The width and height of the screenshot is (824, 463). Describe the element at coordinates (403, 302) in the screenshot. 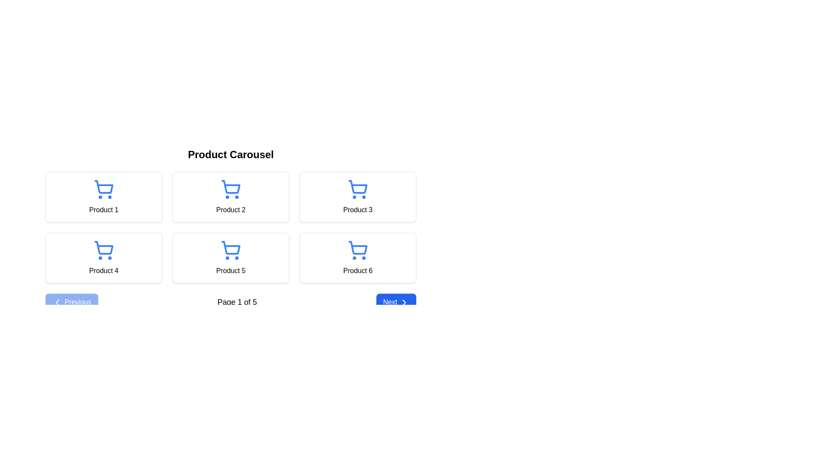

I see `the right-pointing chevron icon within the 'Next' button at the bottom-right corner of the interface` at that location.